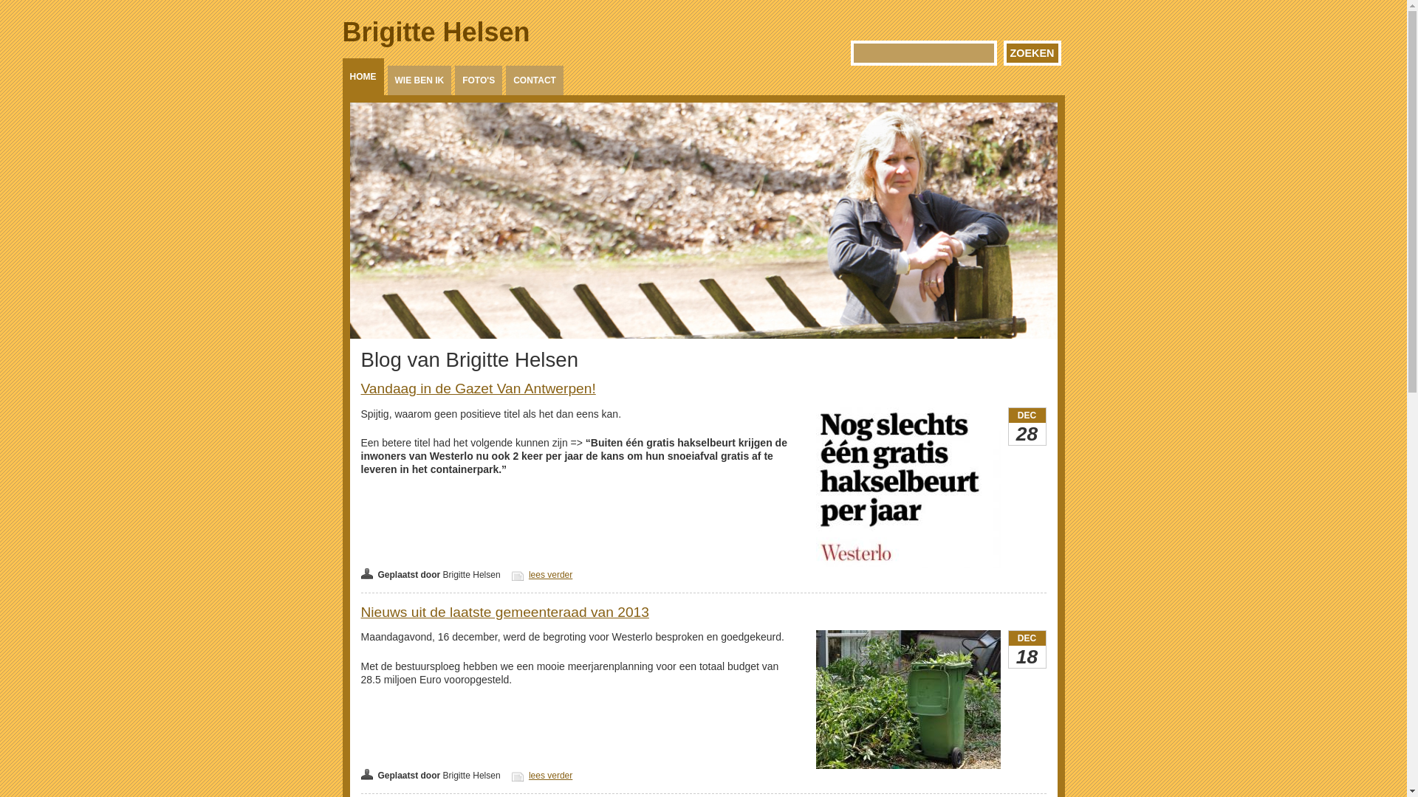  What do you see at coordinates (528, 574) in the screenshot?
I see `'lees verder'` at bounding box center [528, 574].